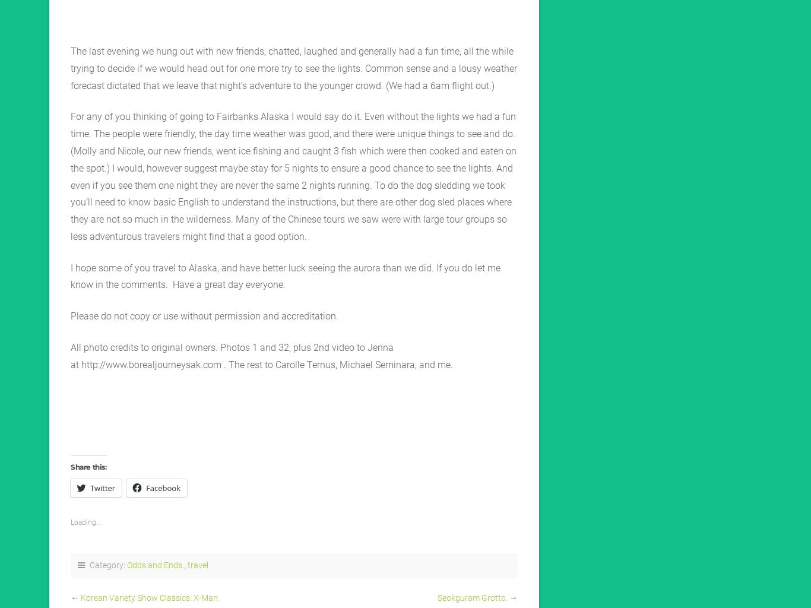 The width and height of the screenshot is (811, 608). What do you see at coordinates (293, 176) in the screenshot?
I see `'For any of you thinking of going to Fairbanks Alaska I would say do it. Even without the lights we had a fun time. The people were friendly, the day time weather was good, and there were unique things to see and do. (Molly and Nicole, our new friends, went ice fishing and caught 3 fish which were then cooked and eaten on the spot.) I would, however suggest maybe stay for 5 nights to ensure a good chance to see the lights. And even if you see them one night they are never the same 2 nights running. To do the dog sledding we took you’ll need to know basic English to understand the instructions, but there are other dog sled places where they are not so much in the wilderness. Many of the Chinese tours we saw were with large tour groups so less adventurous travelers might find that a good option.'` at bounding box center [293, 176].